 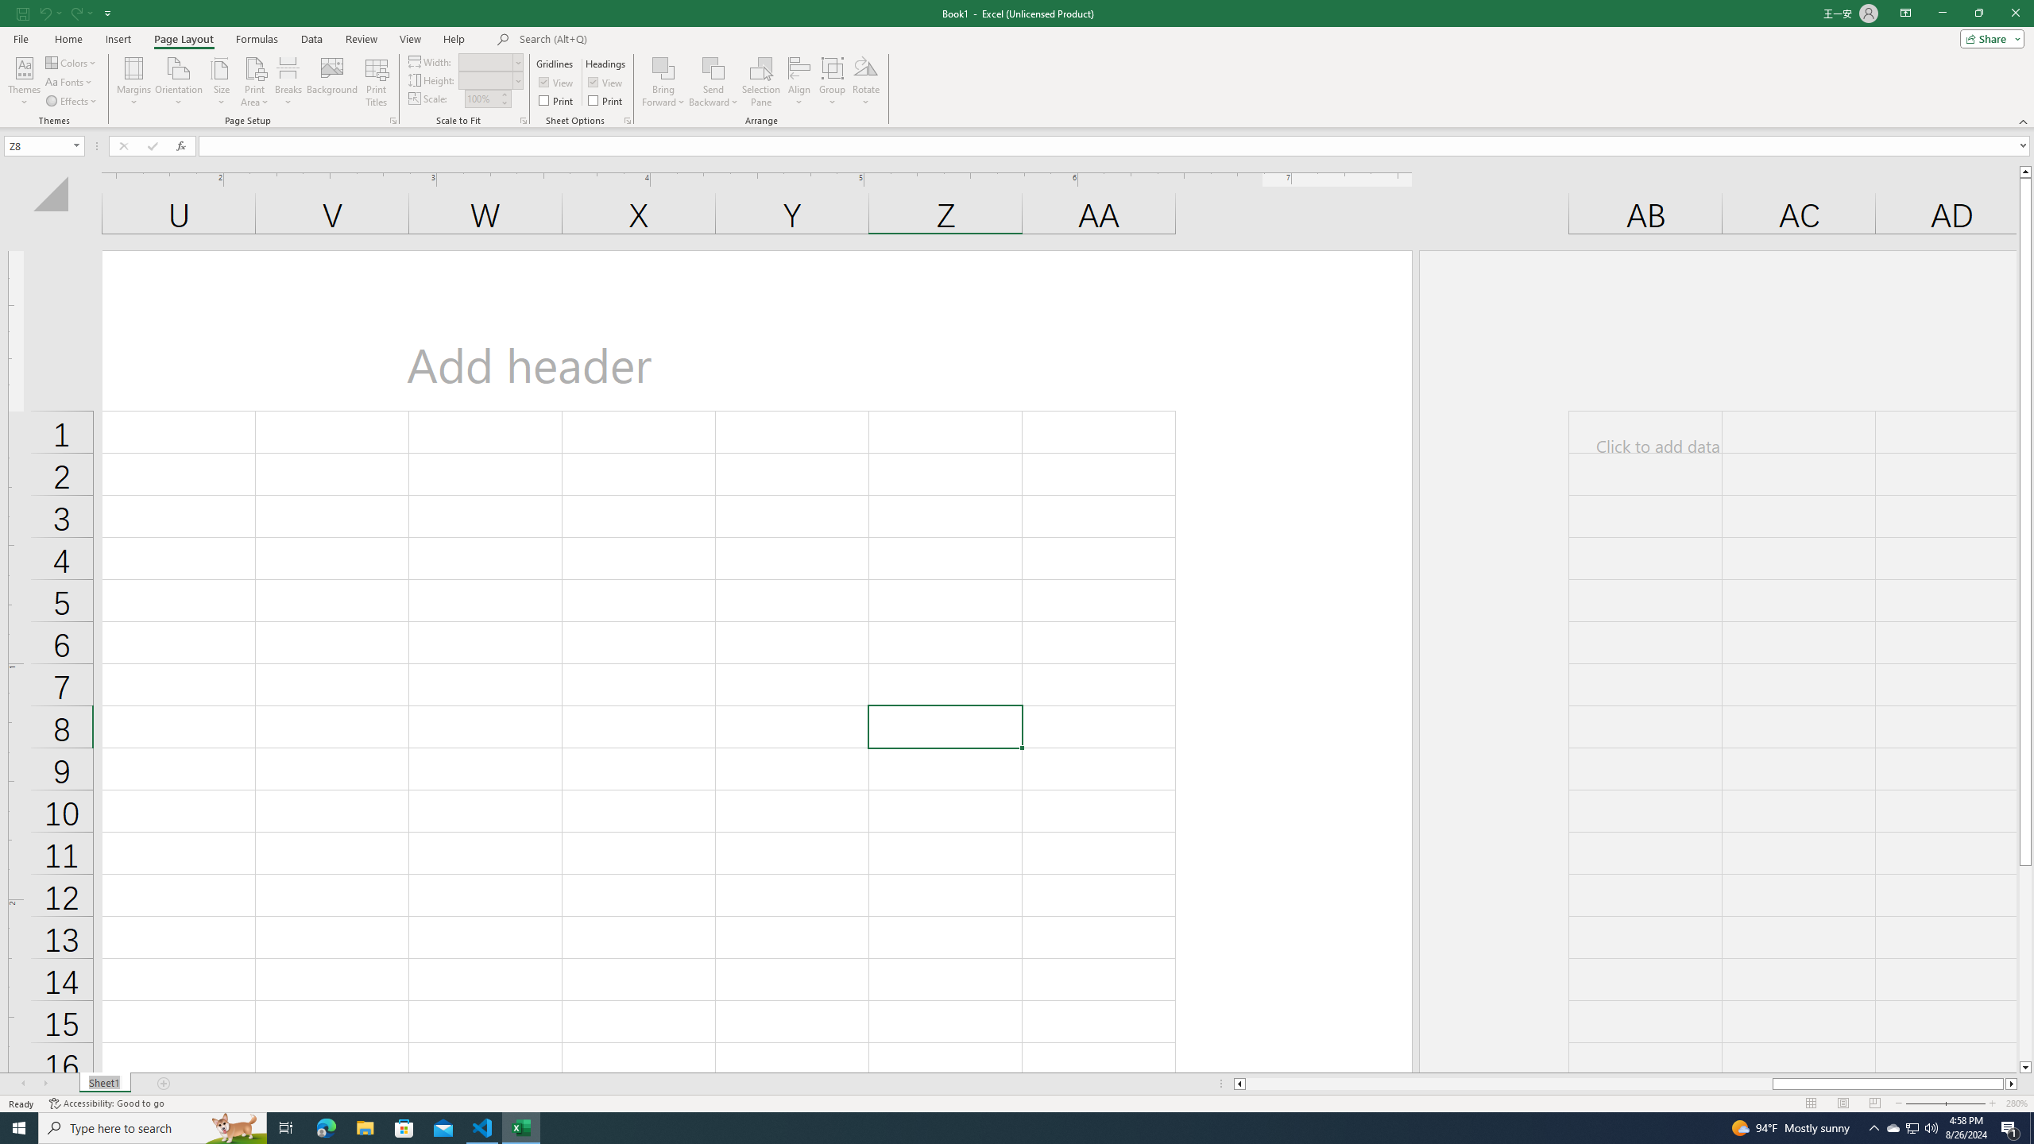 I want to click on 'Height', so click(x=485, y=79).